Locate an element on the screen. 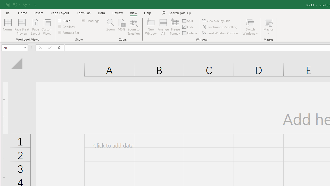 The height and width of the screenshot is (186, 330). 'Undo' is located at coordinates (16, 4).